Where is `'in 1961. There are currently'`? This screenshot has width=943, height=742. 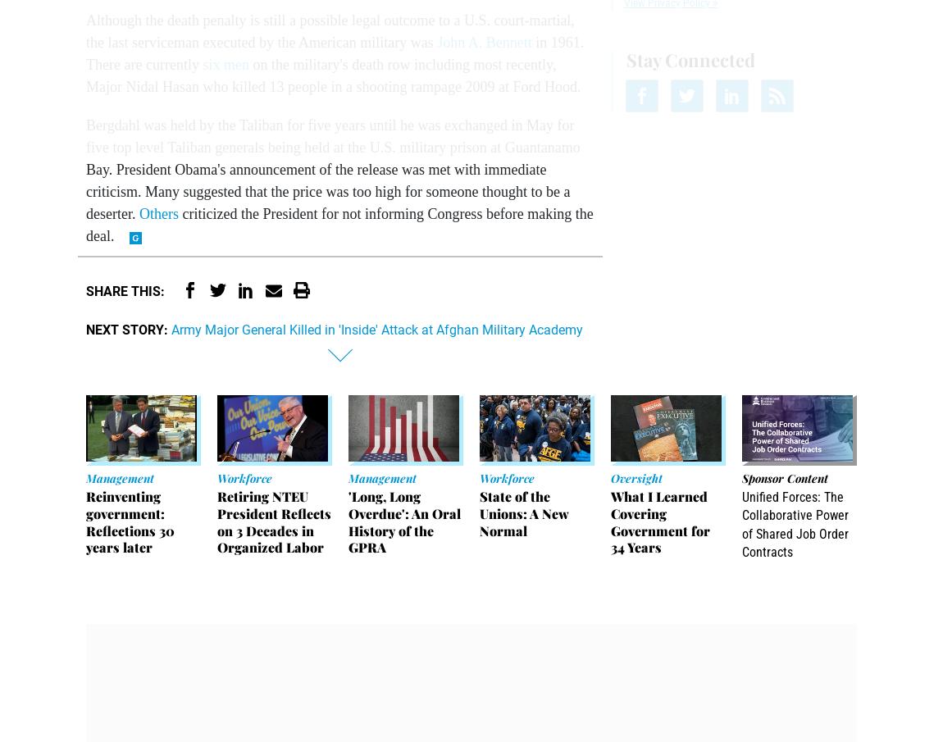
'in 1961. There are currently' is located at coordinates (84, 53).